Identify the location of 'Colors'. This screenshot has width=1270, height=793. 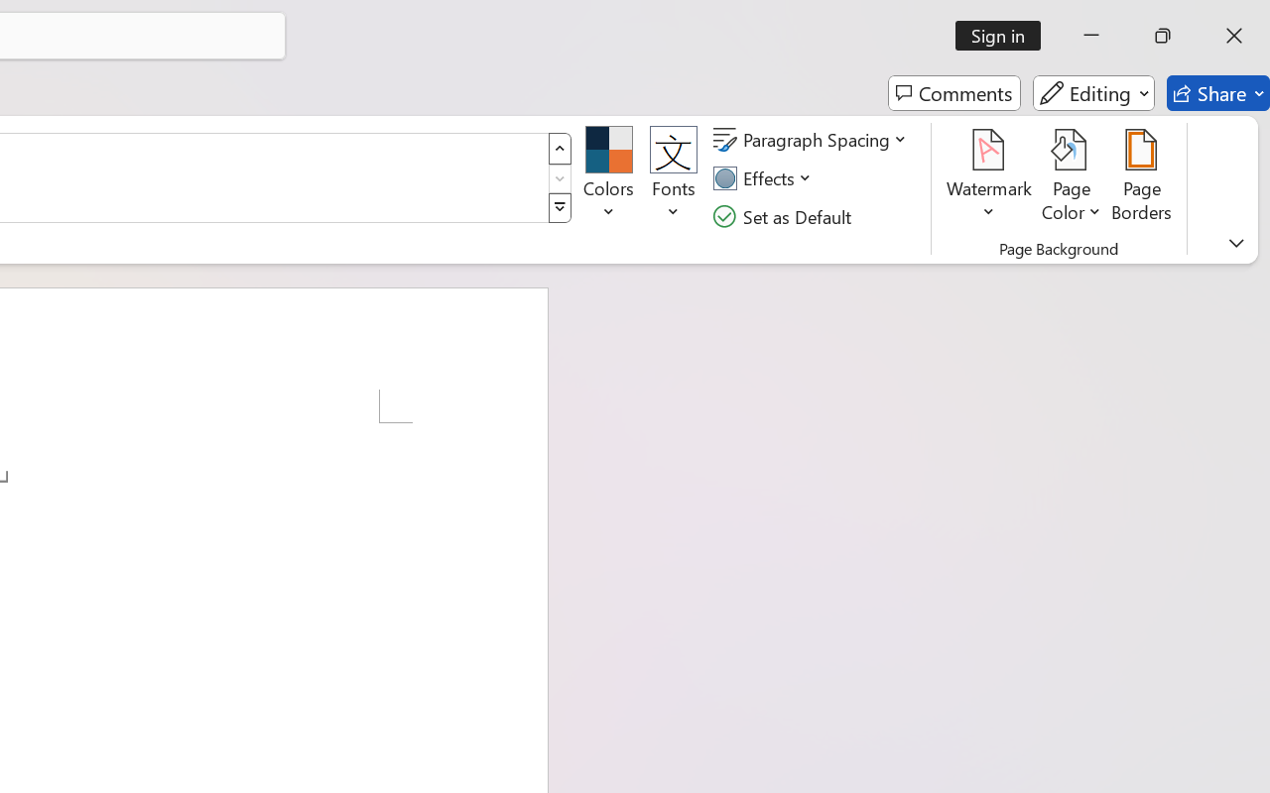
(607, 177).